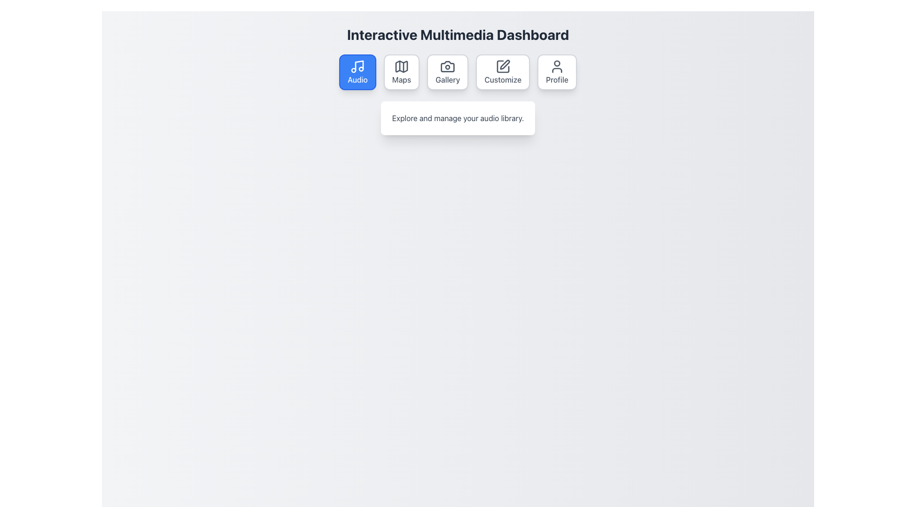 This screenshot has width=902, height=507. I want to click on the 'Customize' button with a pencil icon, which is the fourth button in a series of five located below the 'Interactive Multimedia Dashboard' header, so click(502, 72).